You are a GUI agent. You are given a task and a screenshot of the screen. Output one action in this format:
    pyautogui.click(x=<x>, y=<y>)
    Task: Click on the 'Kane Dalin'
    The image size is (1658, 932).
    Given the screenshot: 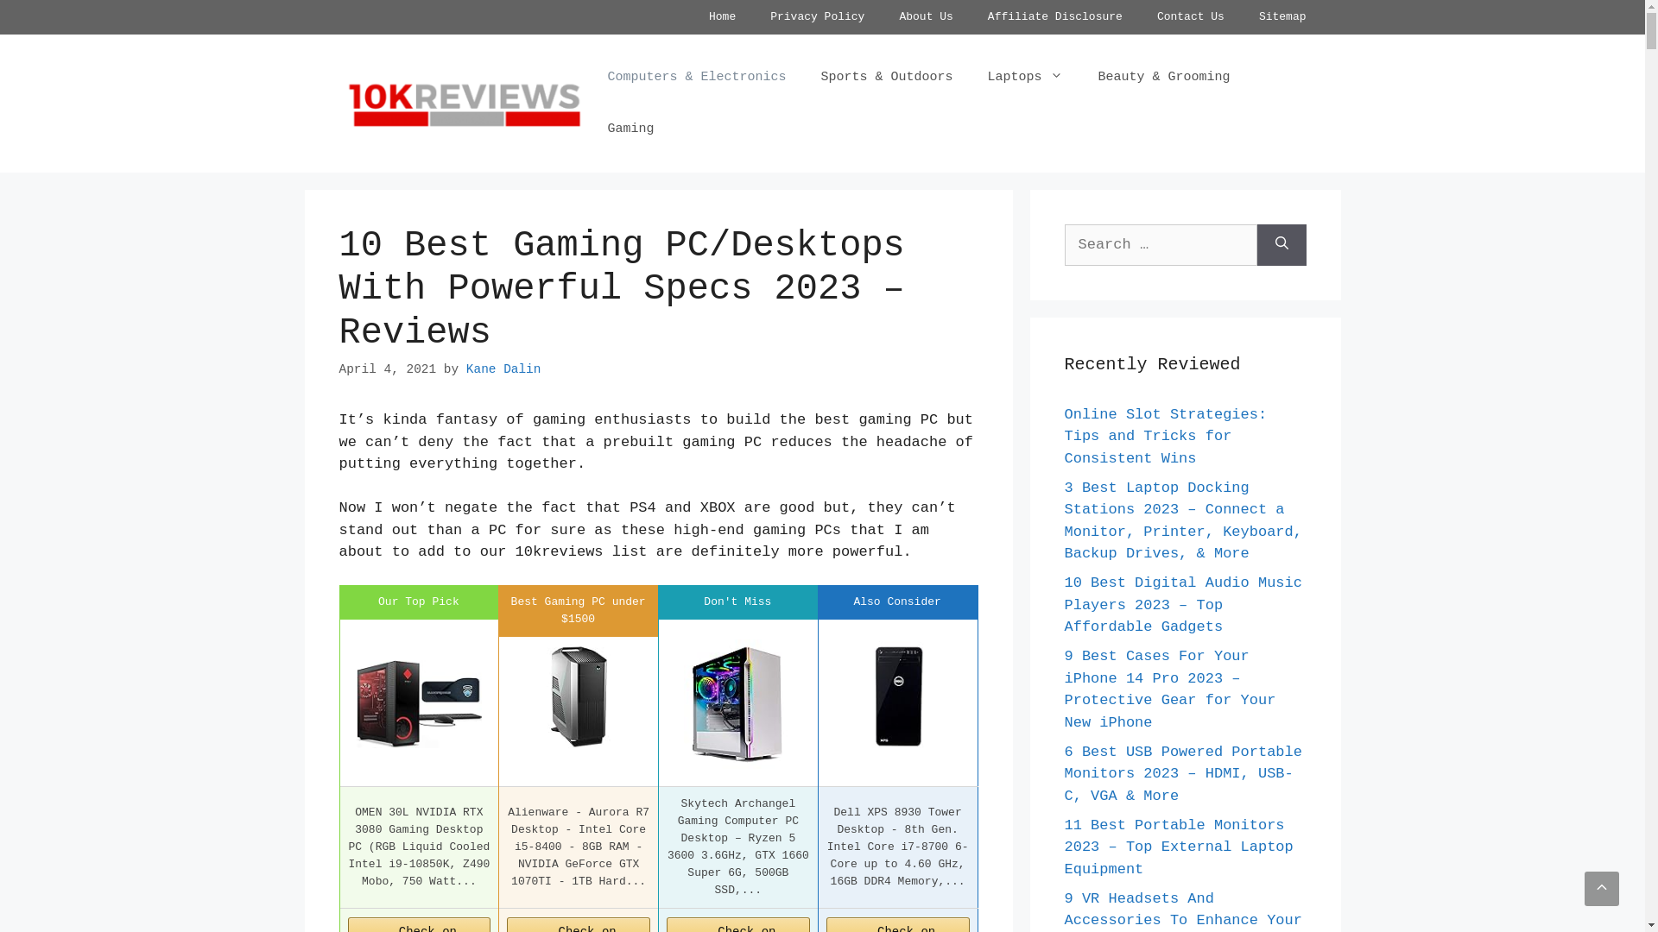 What is the action you would take?
    pyautogui.click(x=503, y=368)
    